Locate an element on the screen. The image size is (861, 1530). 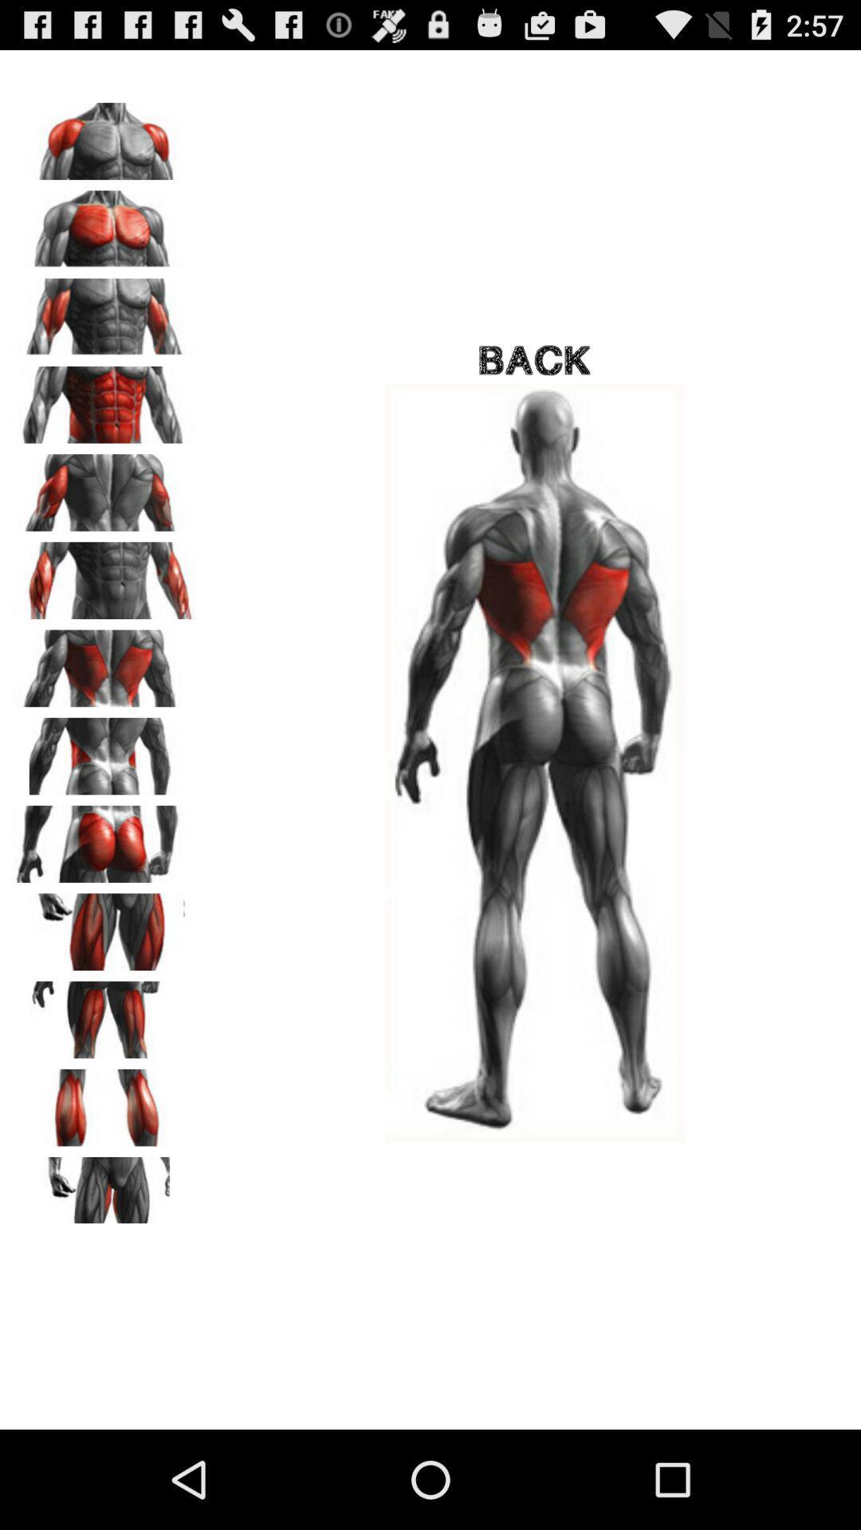
click on back icon is located at coordinates (104, 663).